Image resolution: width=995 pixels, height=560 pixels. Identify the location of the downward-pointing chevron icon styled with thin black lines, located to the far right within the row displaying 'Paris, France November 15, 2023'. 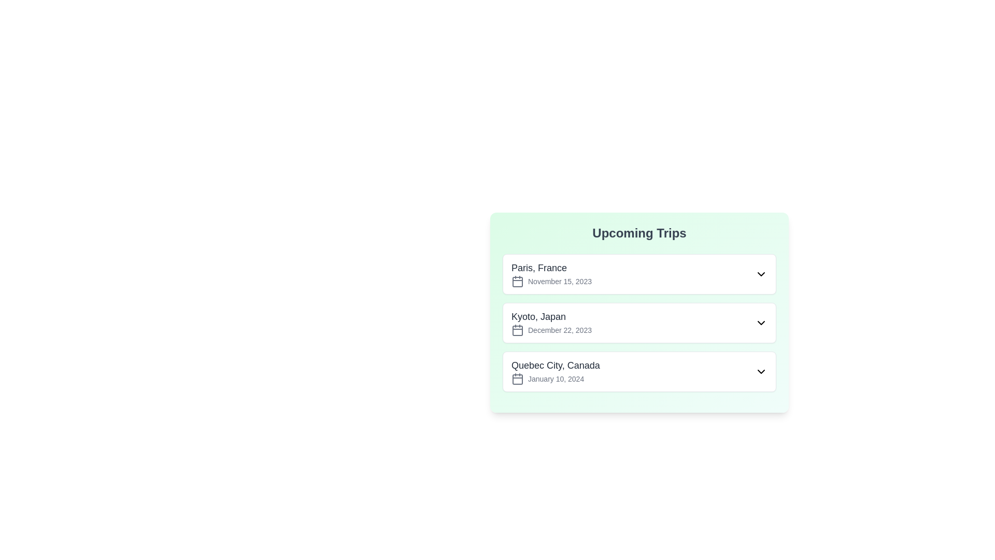
(761, 273).